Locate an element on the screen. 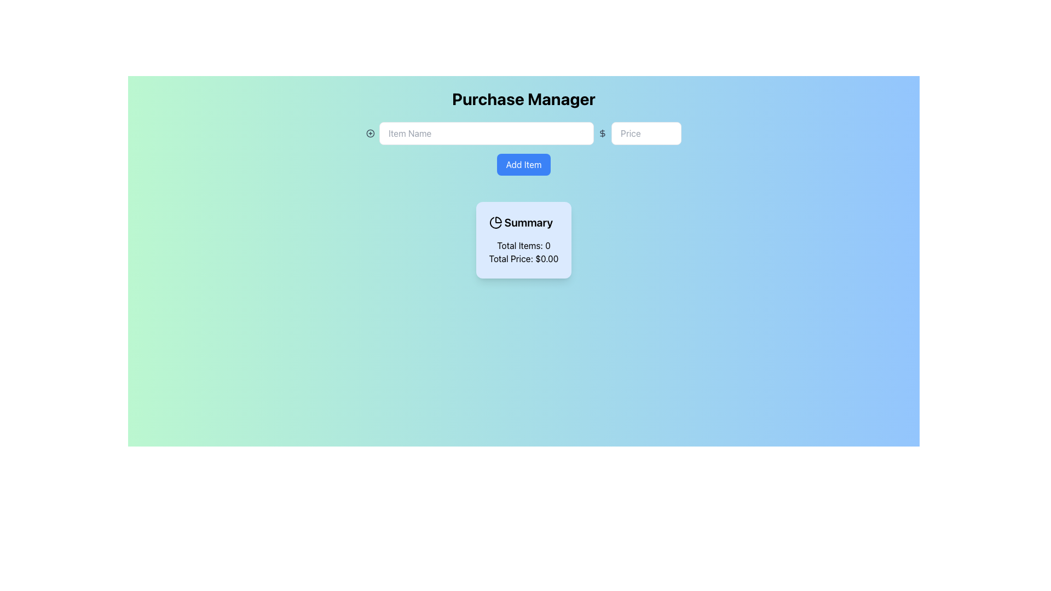  the dollar sign icon, which is styled in gray color and positioned immediately to the left of the 'Price' input field is located at coordinates (602, 132).